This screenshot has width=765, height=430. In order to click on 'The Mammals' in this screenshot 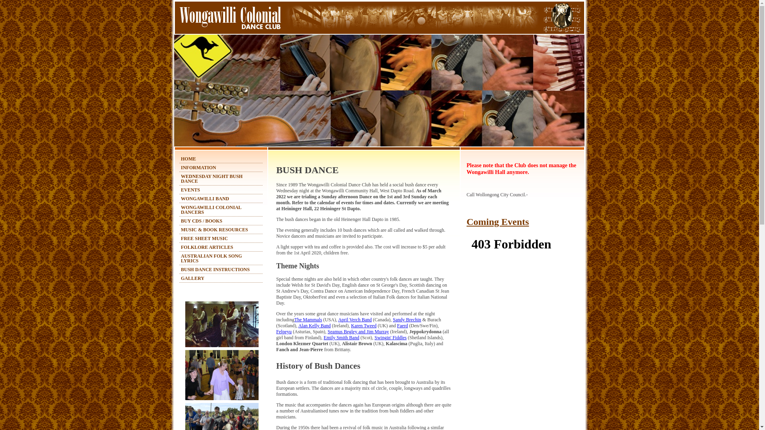, I will do `click(308, 319)`.